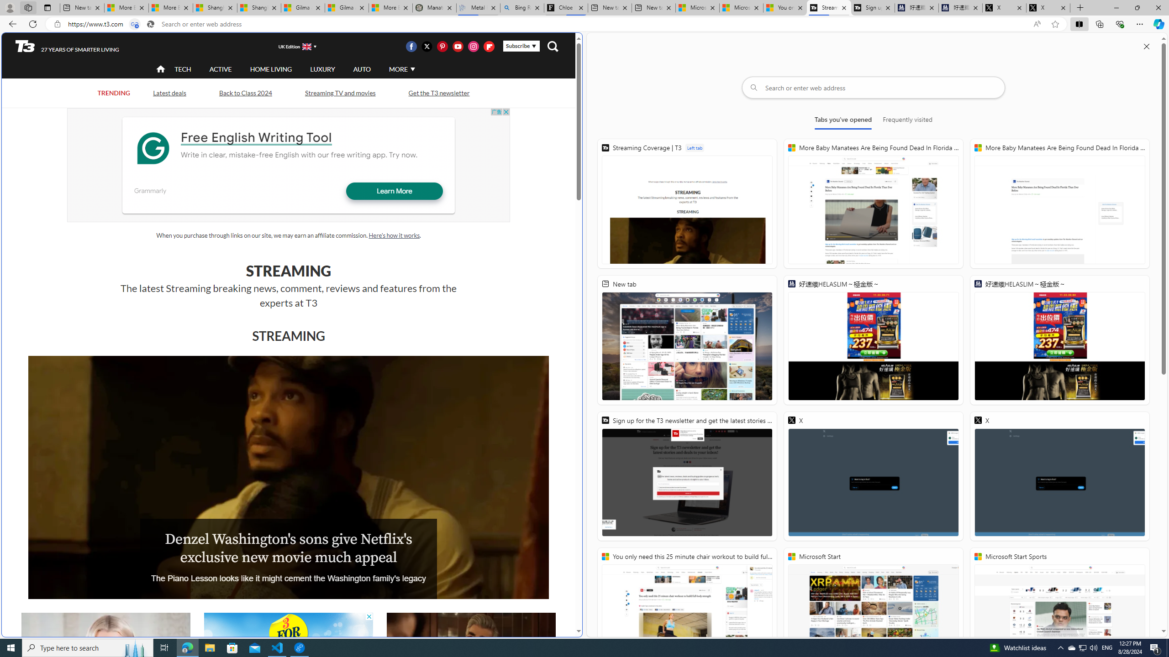  I want to click on 'Get the T3 newsletter', so click(439, 92).